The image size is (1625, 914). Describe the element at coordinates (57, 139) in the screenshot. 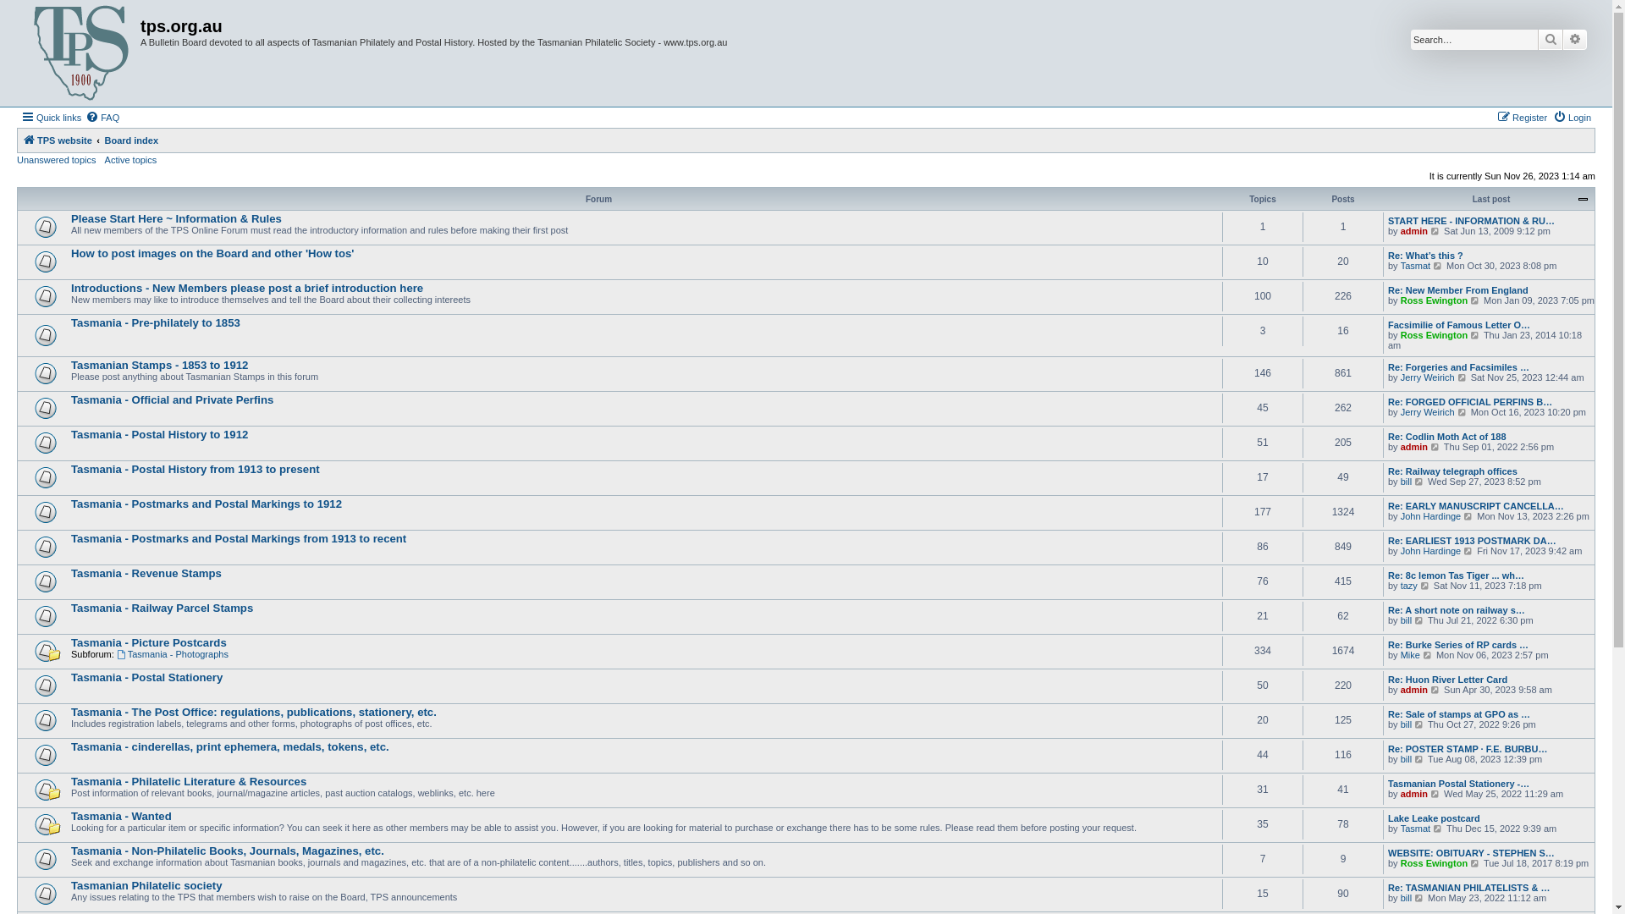

I see `'TPS website'` at that location.